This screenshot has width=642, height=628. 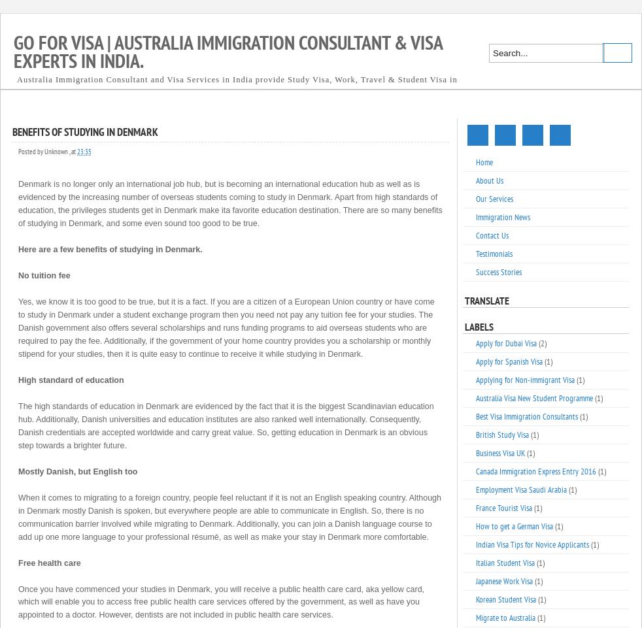 I want to click on 'About Us', so click(x=489, y=180).